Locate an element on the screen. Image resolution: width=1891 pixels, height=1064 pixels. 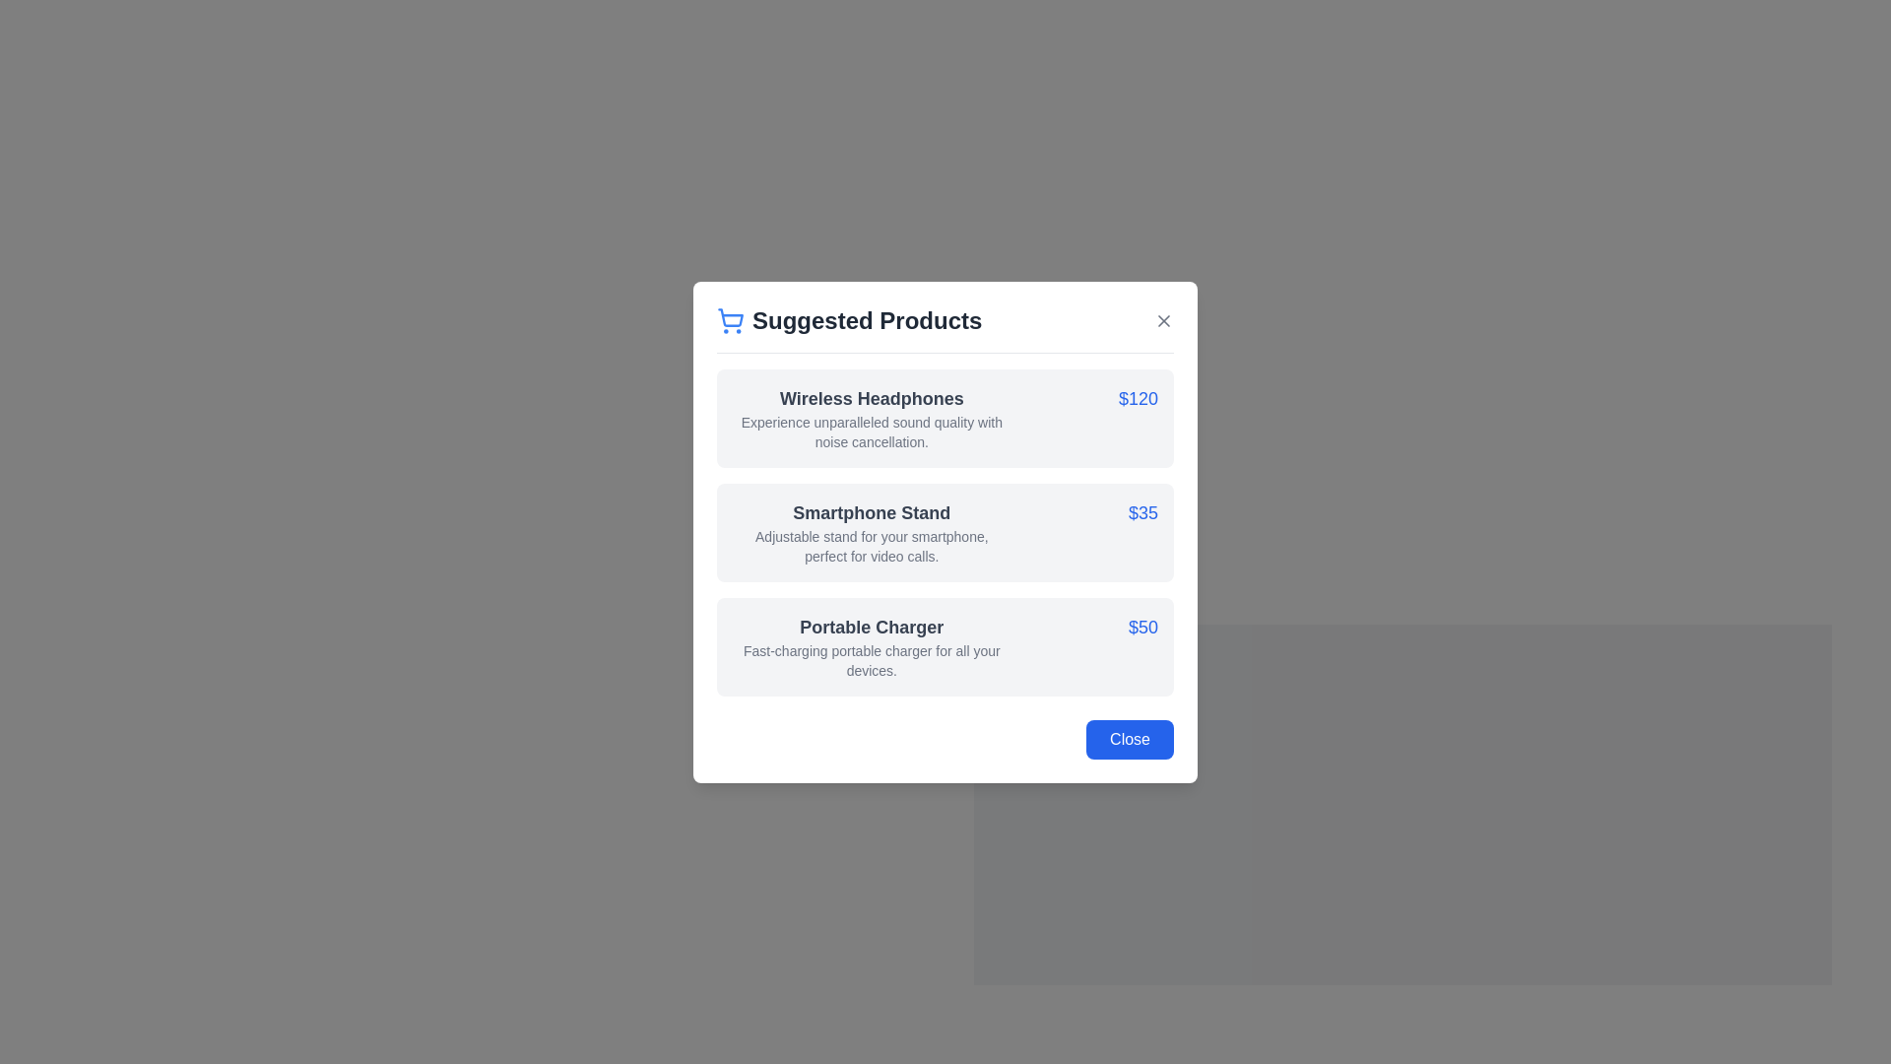
the first product card displaying information for 'Wireless Headphones' located in the 'Suggested Products' section of the modal is located at coordinates (945, 417).